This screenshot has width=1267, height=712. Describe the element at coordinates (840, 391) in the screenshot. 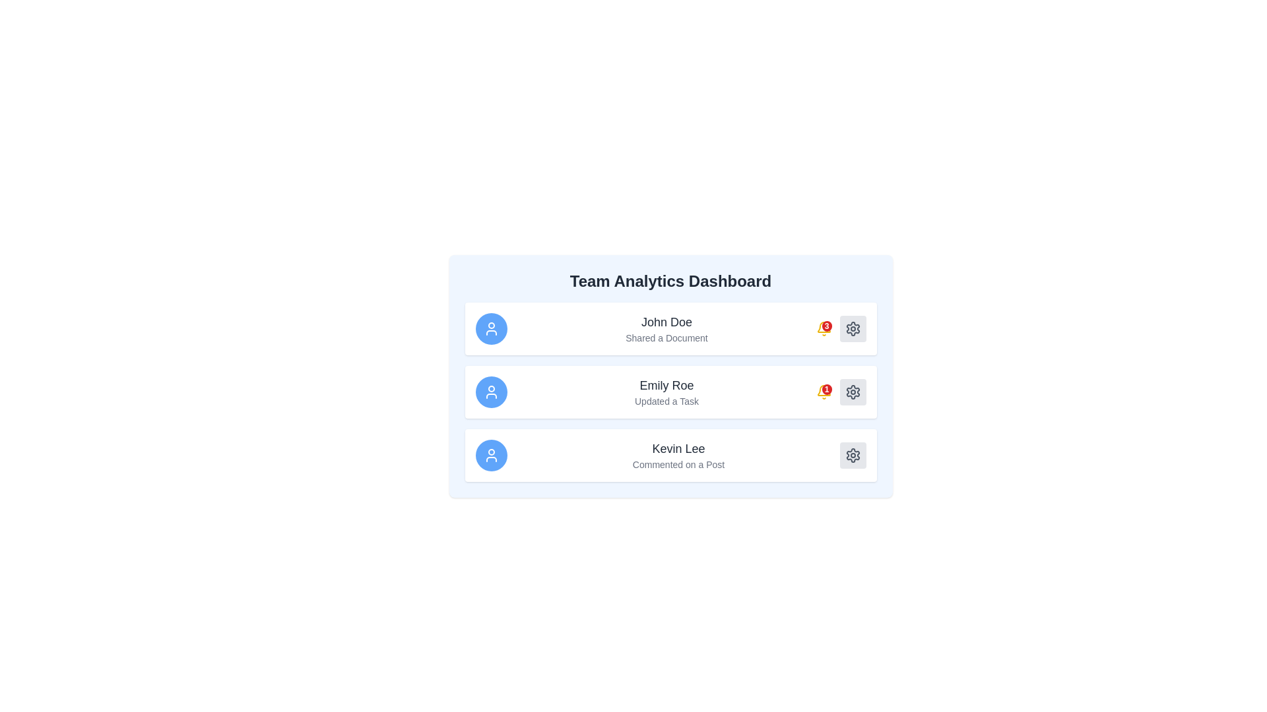

I see `the Notification badge located in the notification section of the 'Emily Roe' activity card to interact with the new notifications or updates` at that location.